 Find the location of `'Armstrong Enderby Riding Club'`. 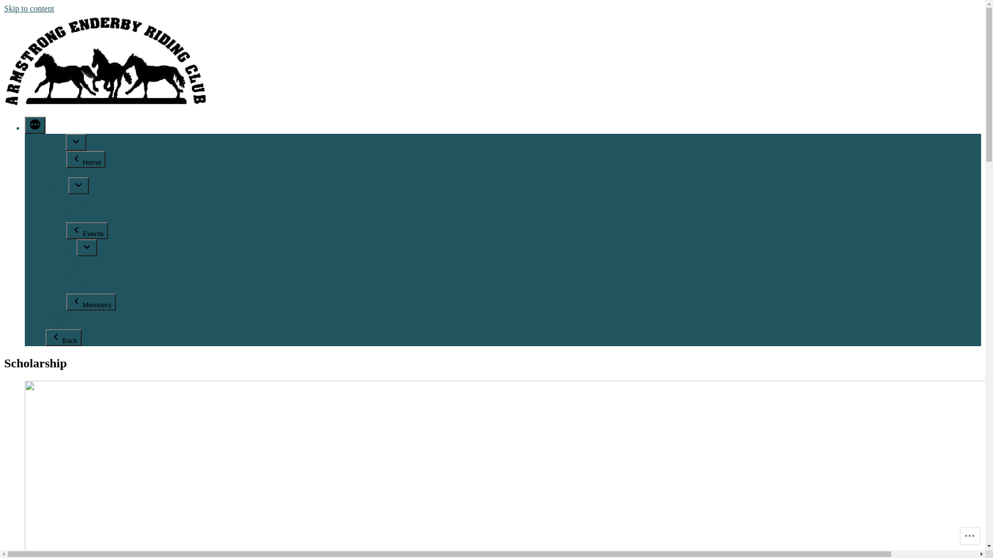

'Armstrong Enderby Riding Club' is located at coordinates (58, 120).